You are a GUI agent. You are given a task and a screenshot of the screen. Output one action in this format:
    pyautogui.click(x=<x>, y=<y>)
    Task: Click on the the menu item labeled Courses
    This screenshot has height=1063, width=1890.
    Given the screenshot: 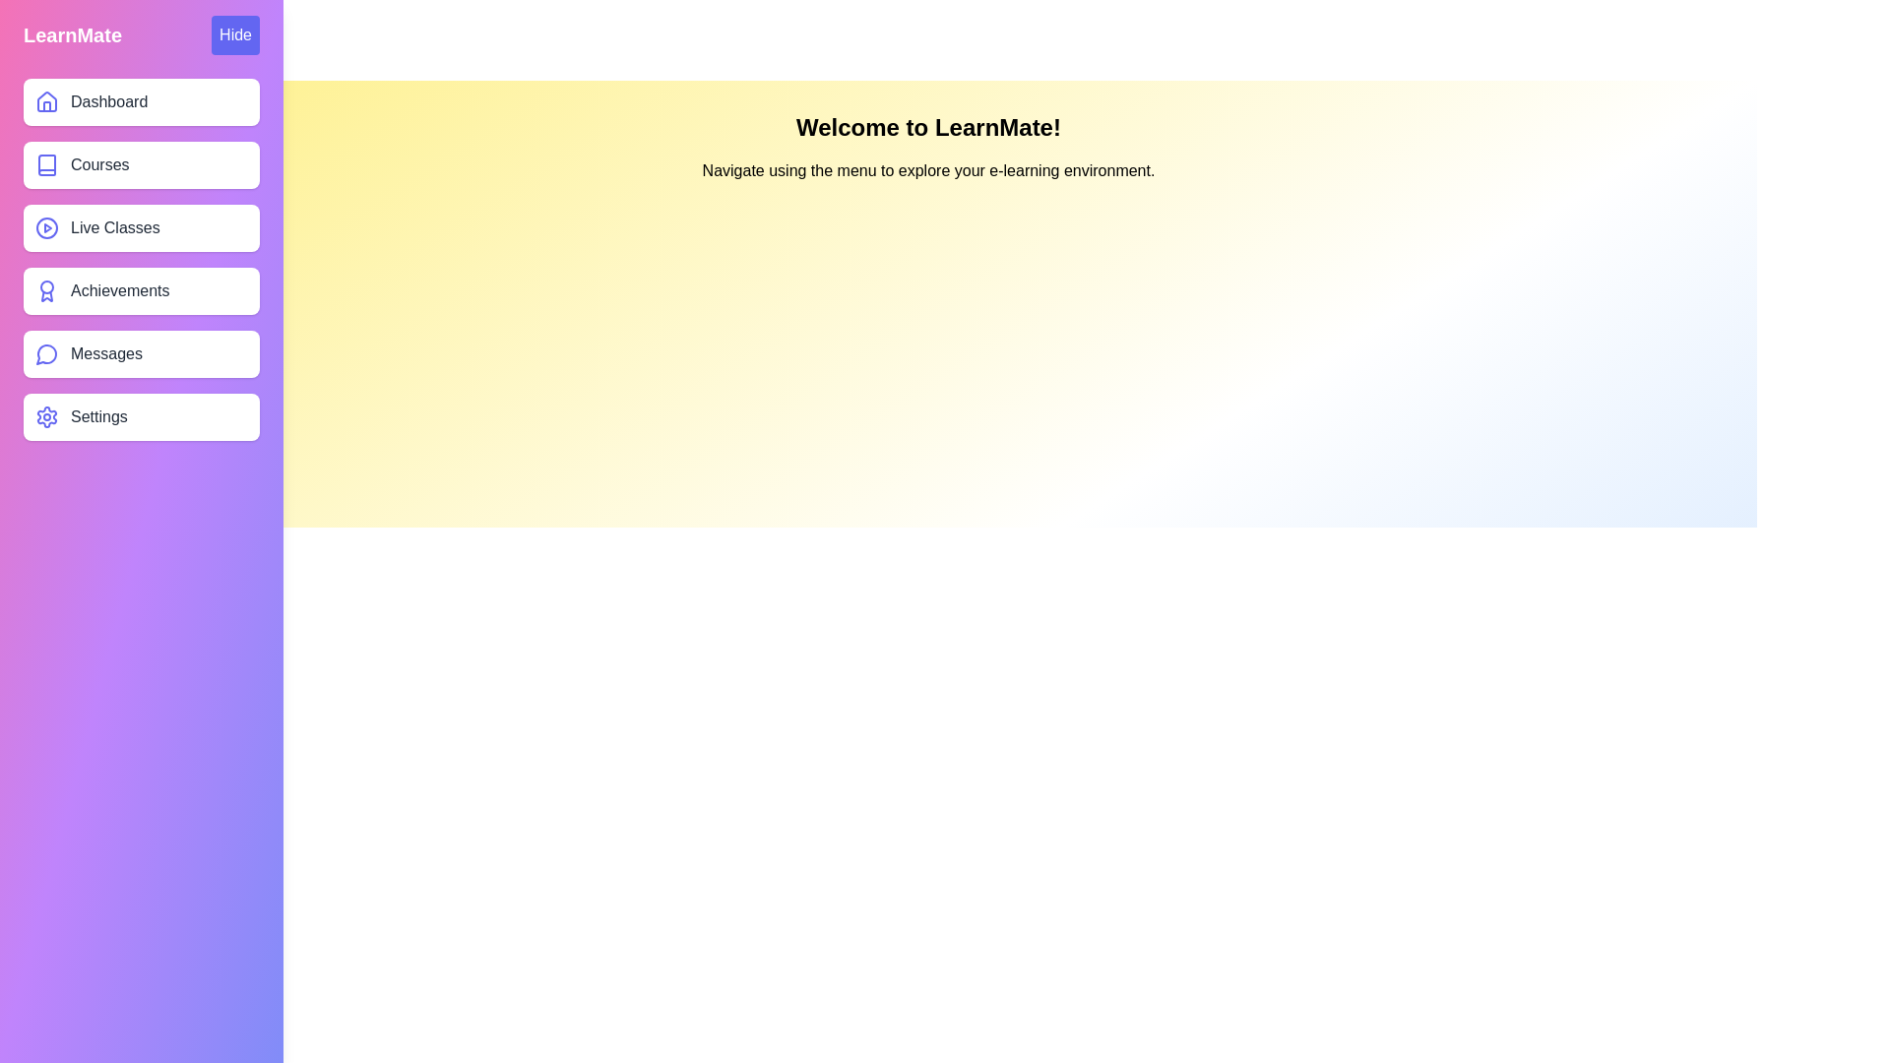 What is the action you would take?
    pyautogui.click(x=141, y=164)
    